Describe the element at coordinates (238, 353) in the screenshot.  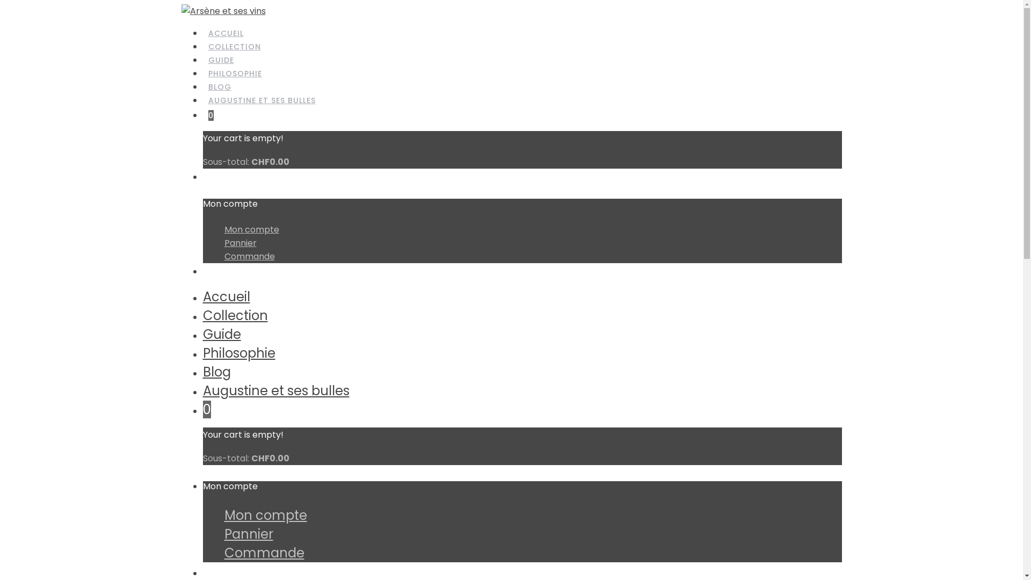
I see `'Philosophie'` at that location.